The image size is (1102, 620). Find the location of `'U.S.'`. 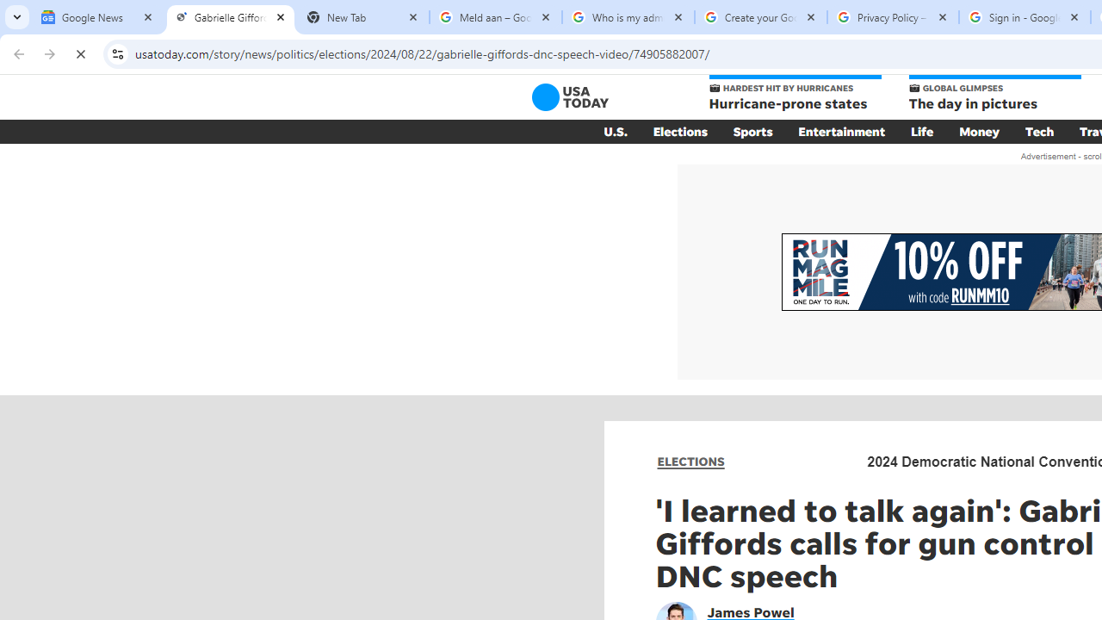

'U.S.' is located at coordinates (615, 131).